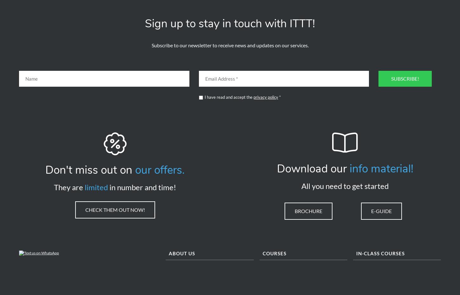 The width and height of the screenshot is (460, 295). I want to click on 'In-class Courses', so click(356, 256).